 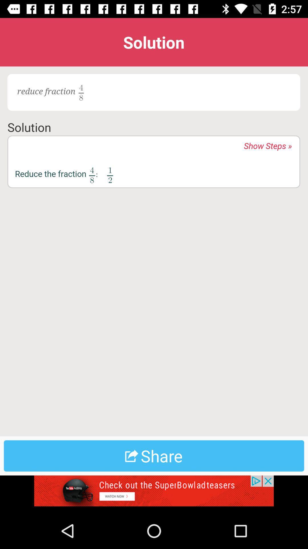 I want to click on open this advertisement, so click(x=154, y=494).